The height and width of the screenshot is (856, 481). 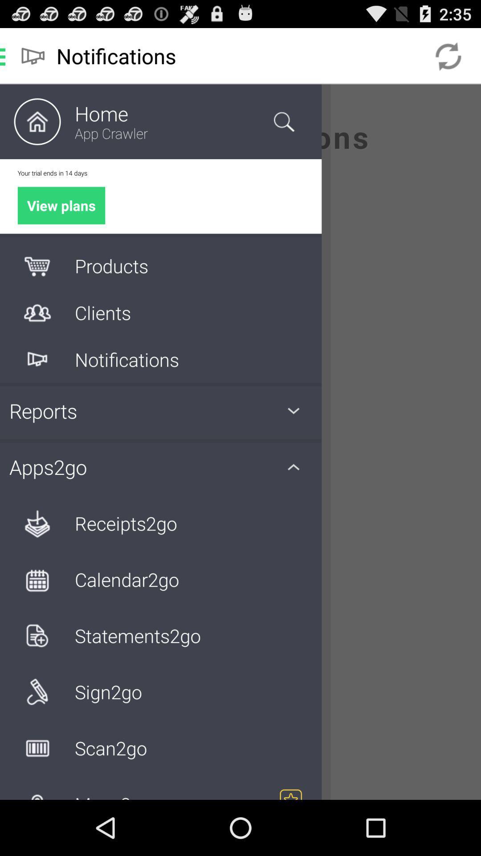 I want to click on icon left to statement2go, so click(x=37, y=635).